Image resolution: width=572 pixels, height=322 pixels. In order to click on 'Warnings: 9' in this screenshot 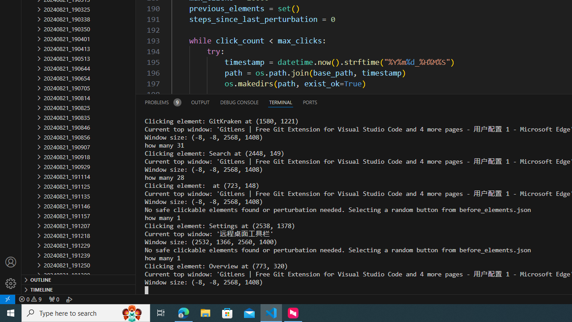, I will do `click(30, 299)`.